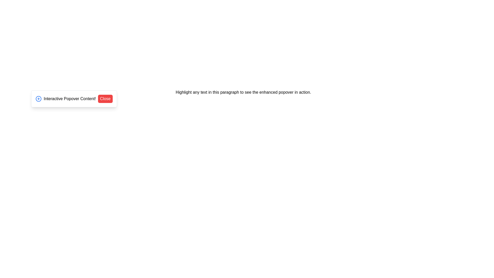 The image size is (494, 278). I want to click on the close button located at the far right side of the popover interface, so click(105, 99).